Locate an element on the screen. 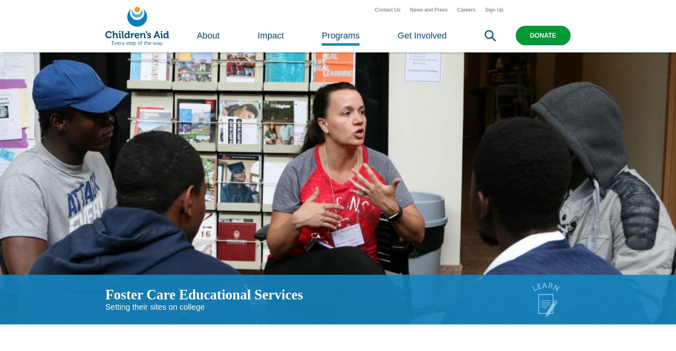 The height and width of the screenshot is (351, 676). 'About' is located at coordinates (197, 40).